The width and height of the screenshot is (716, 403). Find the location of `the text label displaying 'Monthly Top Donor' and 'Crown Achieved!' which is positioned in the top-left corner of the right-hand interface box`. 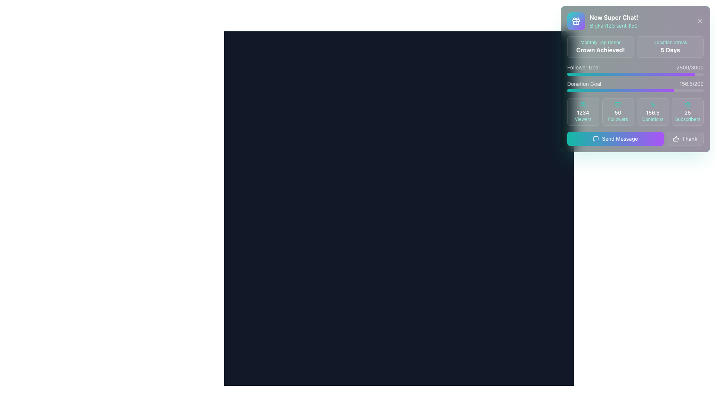

the text label displaying 'Monthly Top Donor' and 'Crown Achieved!' which is positioned in the top-left corner of the right-hand interface box is located at coordinates (600, 47).